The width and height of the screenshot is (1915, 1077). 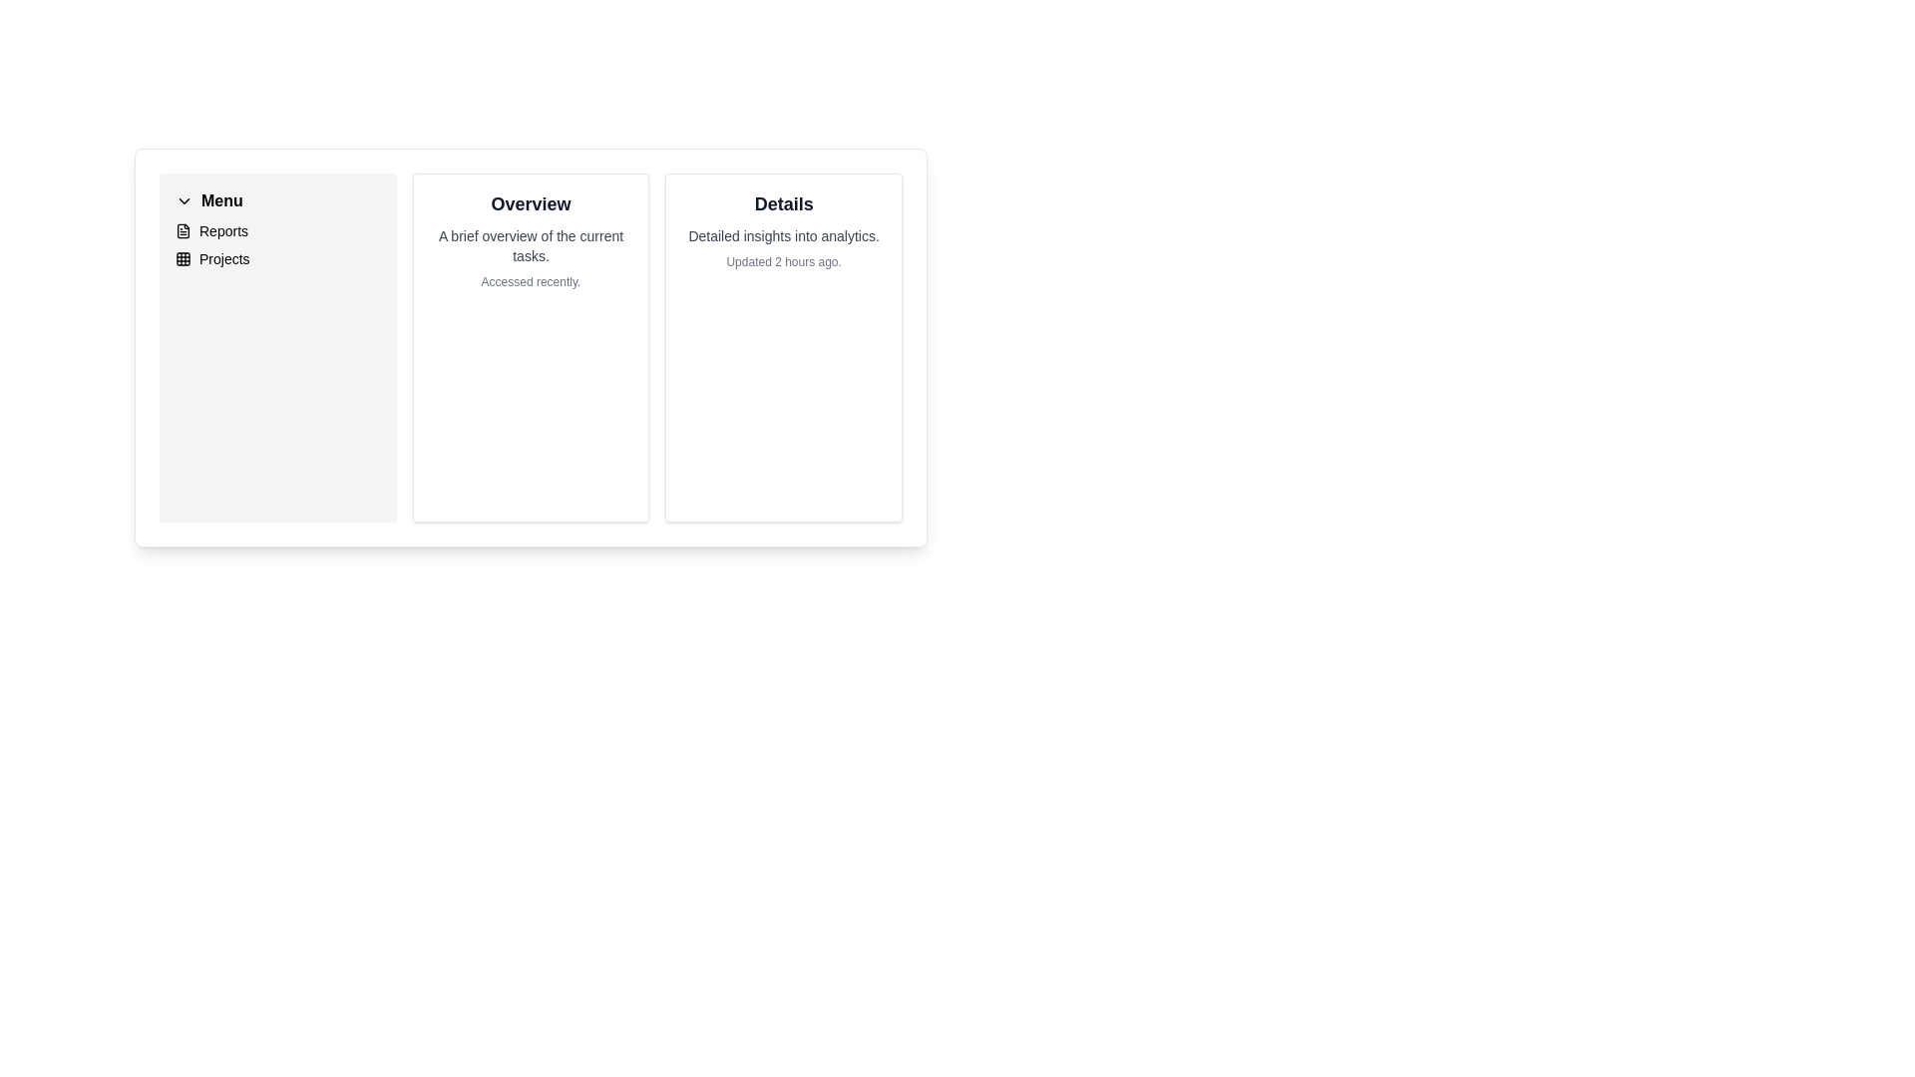 I want to click on the title text label that serves as a section overview, located at the top of the middle-aligned card, so click(x=531, y=203).